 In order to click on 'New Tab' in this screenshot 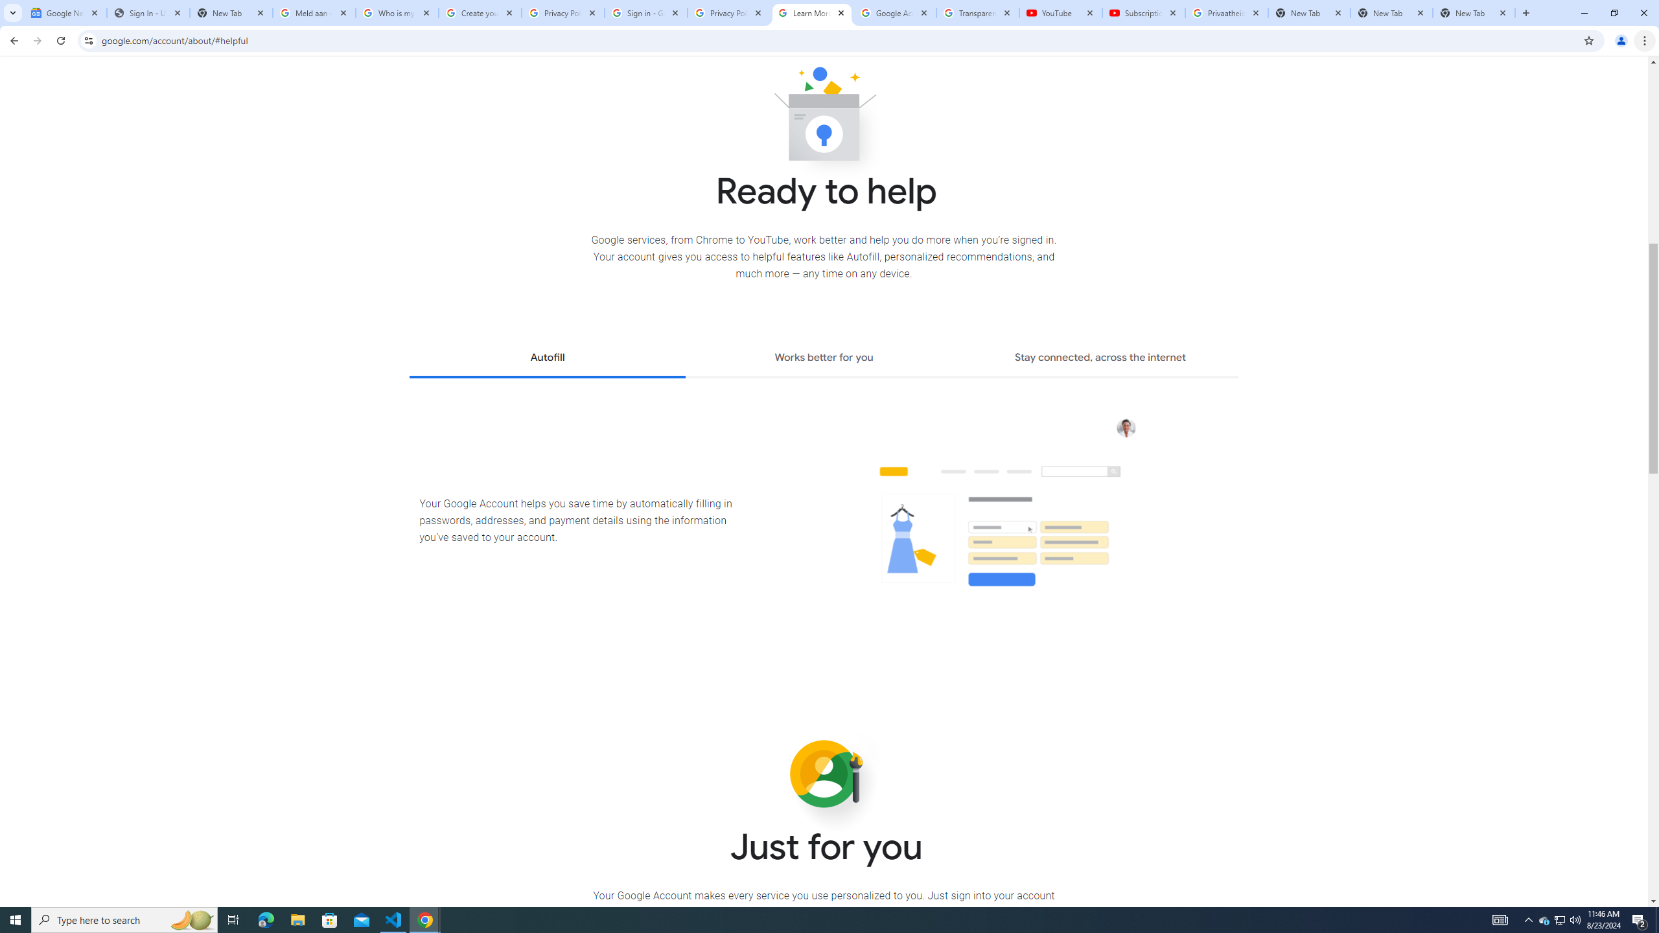, I will do `click(1474, 12)`.